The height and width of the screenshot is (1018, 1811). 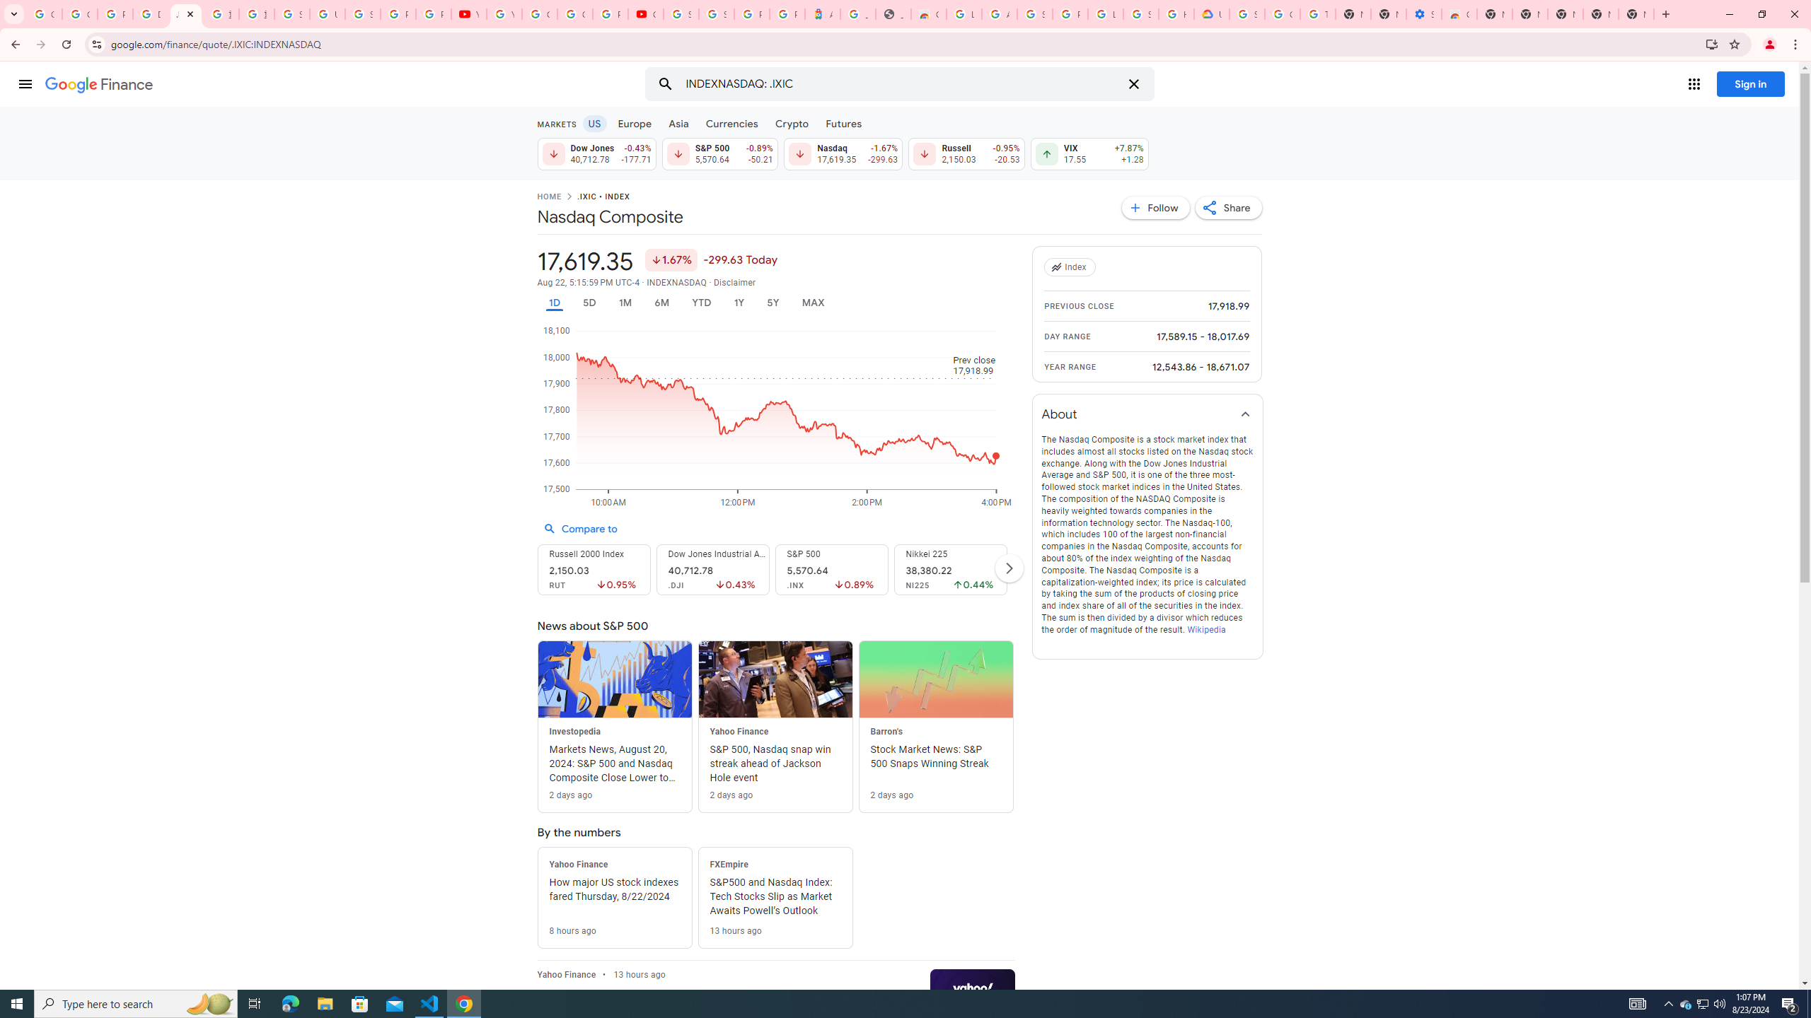 What do you see at coordinates (24, 83) in the screenshot?
I see `'Main menu'` at bounding box center [24, 83].